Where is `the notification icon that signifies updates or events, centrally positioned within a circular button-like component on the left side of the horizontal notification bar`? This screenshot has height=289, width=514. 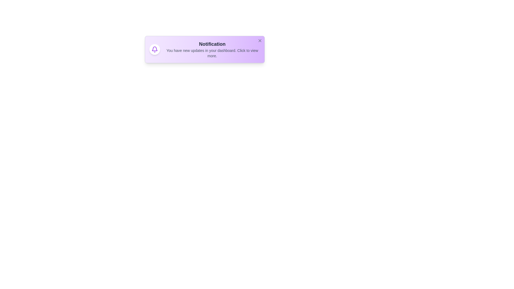 the notification icon that signifies updates or events, centrally positioned within a circular button-like component on the left side of the horizontal notification bar is located at coordinates (154, 50).